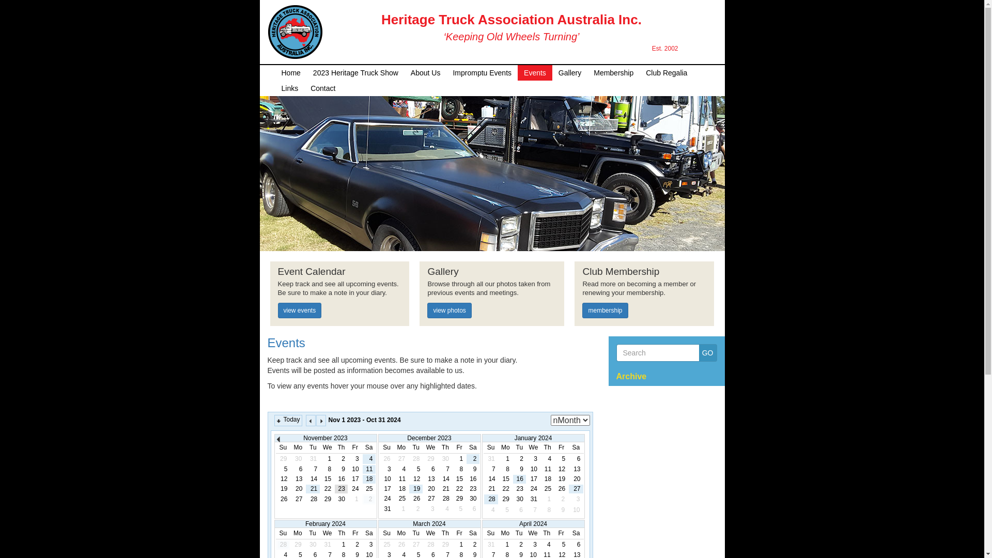  What do you see at coordinates (426, 72) in the screenshot?
I see `'About Us'` at bounding box center [426, 72].